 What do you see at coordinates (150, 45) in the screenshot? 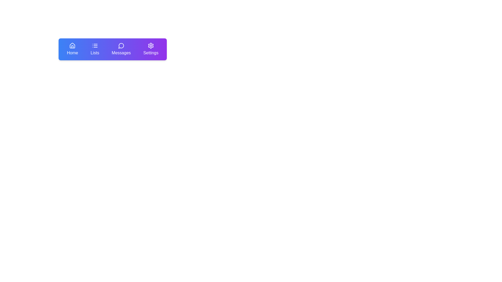
I see `the 'Settings' icon located at the far-right of the navigation bar` at bounding box center [150, 45].